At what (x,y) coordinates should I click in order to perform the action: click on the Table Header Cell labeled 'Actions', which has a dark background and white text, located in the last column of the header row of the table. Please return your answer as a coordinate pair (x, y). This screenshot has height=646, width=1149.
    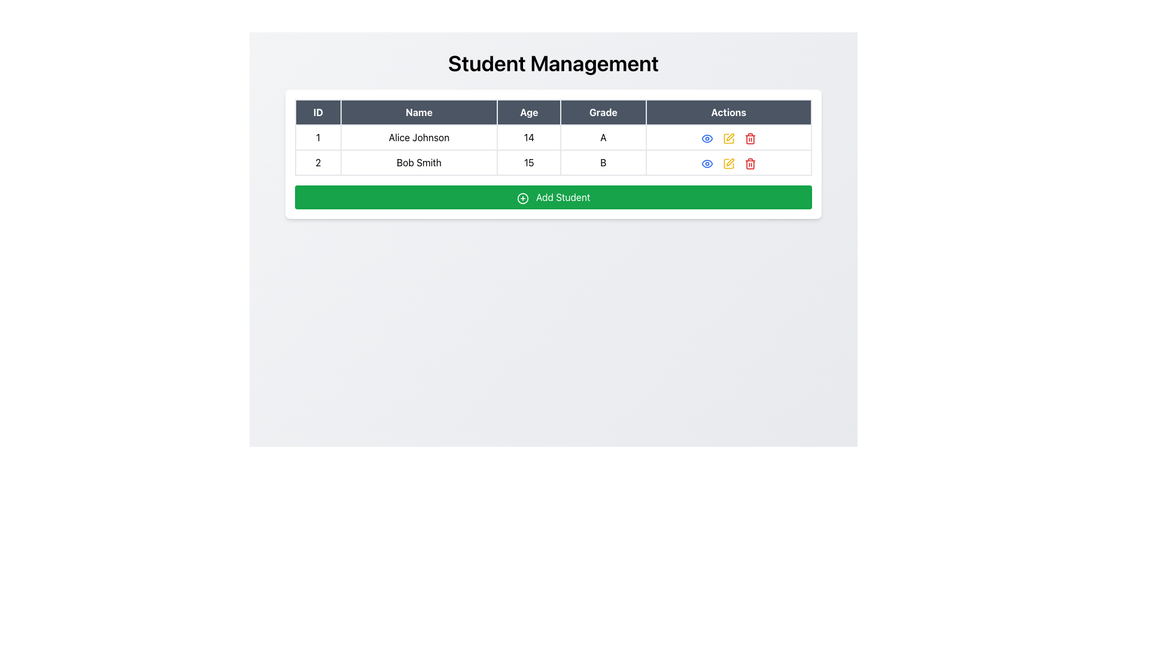
    Looking at the image, I should click on (728, 112).